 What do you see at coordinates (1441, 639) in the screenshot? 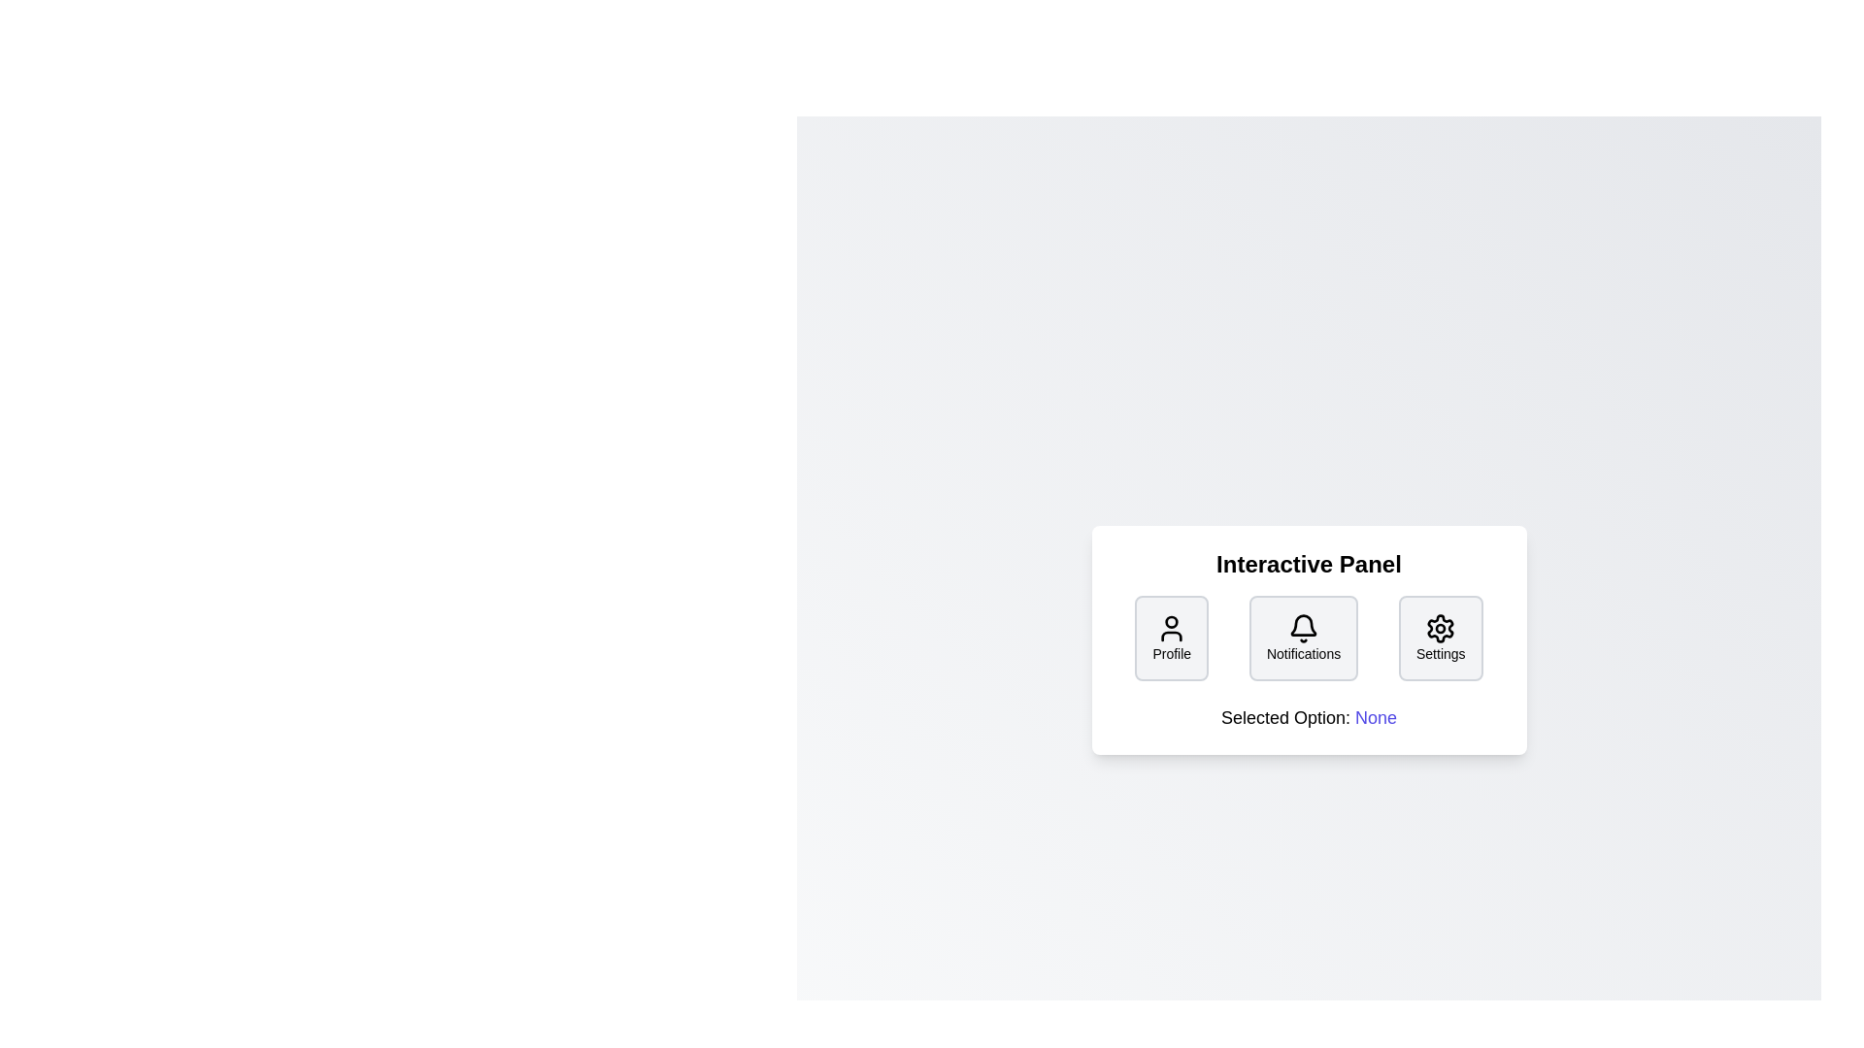
I see `the button labeled Settings to observe its visual design` at bounding box center [1441, 639].